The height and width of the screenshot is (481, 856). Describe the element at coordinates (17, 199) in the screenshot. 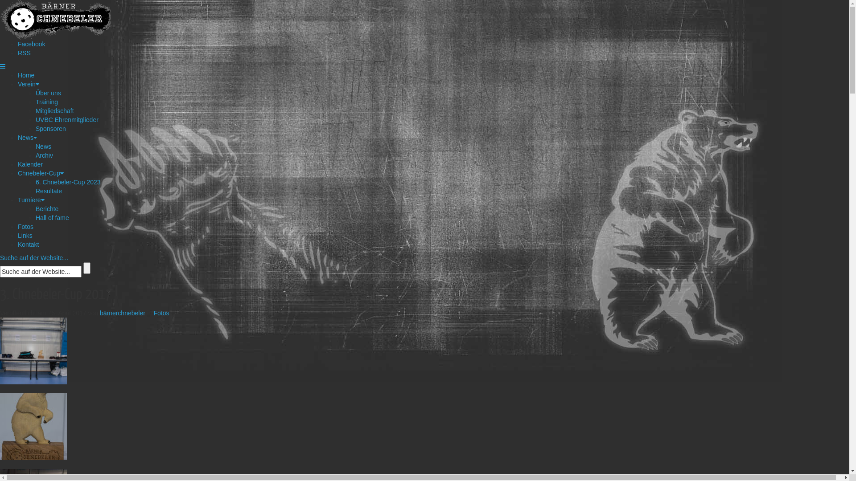

I see `'Turniere'` at that location.